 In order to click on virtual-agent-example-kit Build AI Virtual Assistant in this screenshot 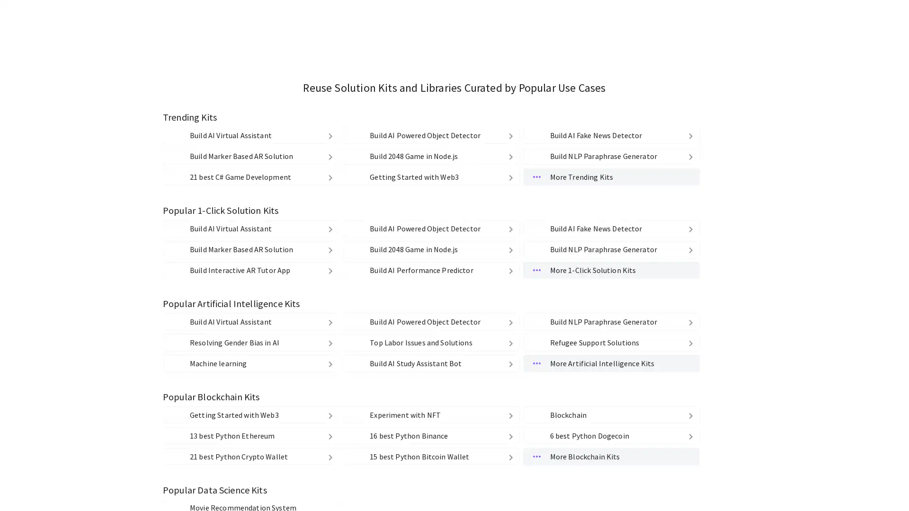, I will do `click(251, 372)`.